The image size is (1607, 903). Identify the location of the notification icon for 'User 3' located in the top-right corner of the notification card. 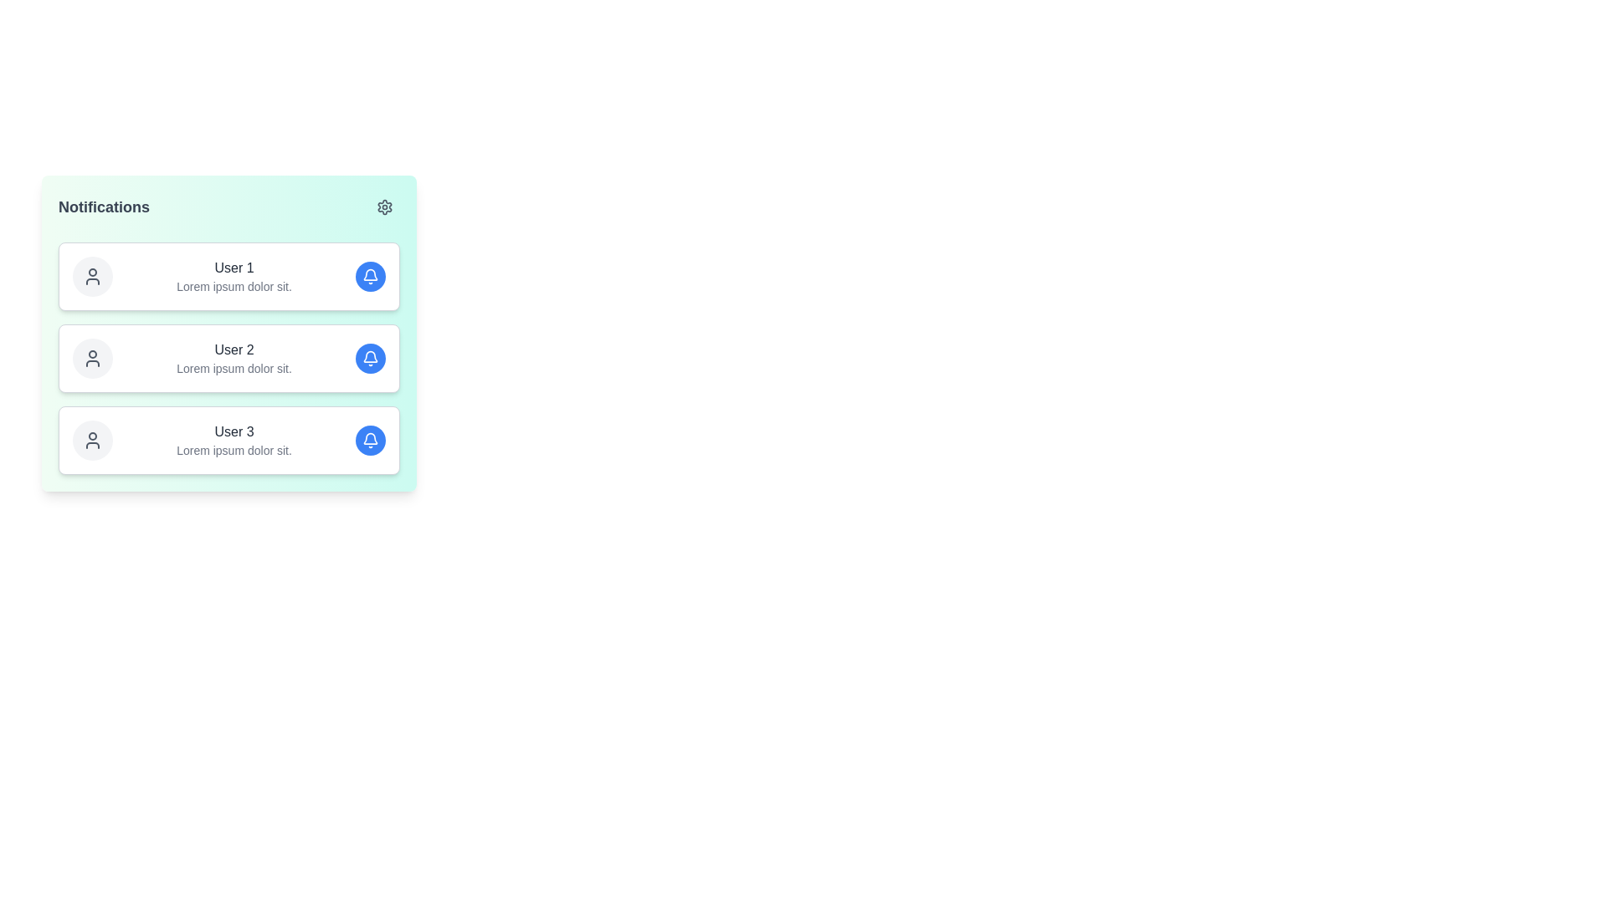
(369, 440).